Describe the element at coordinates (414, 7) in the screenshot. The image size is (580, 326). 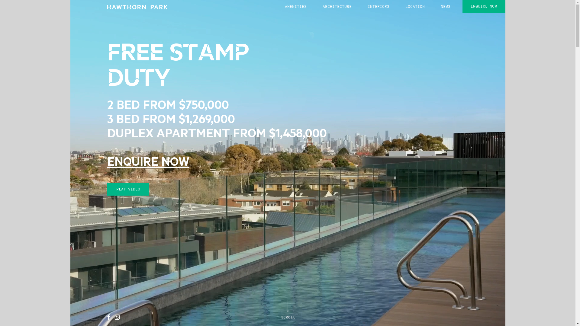
I see `'LOCATION'` at that location.